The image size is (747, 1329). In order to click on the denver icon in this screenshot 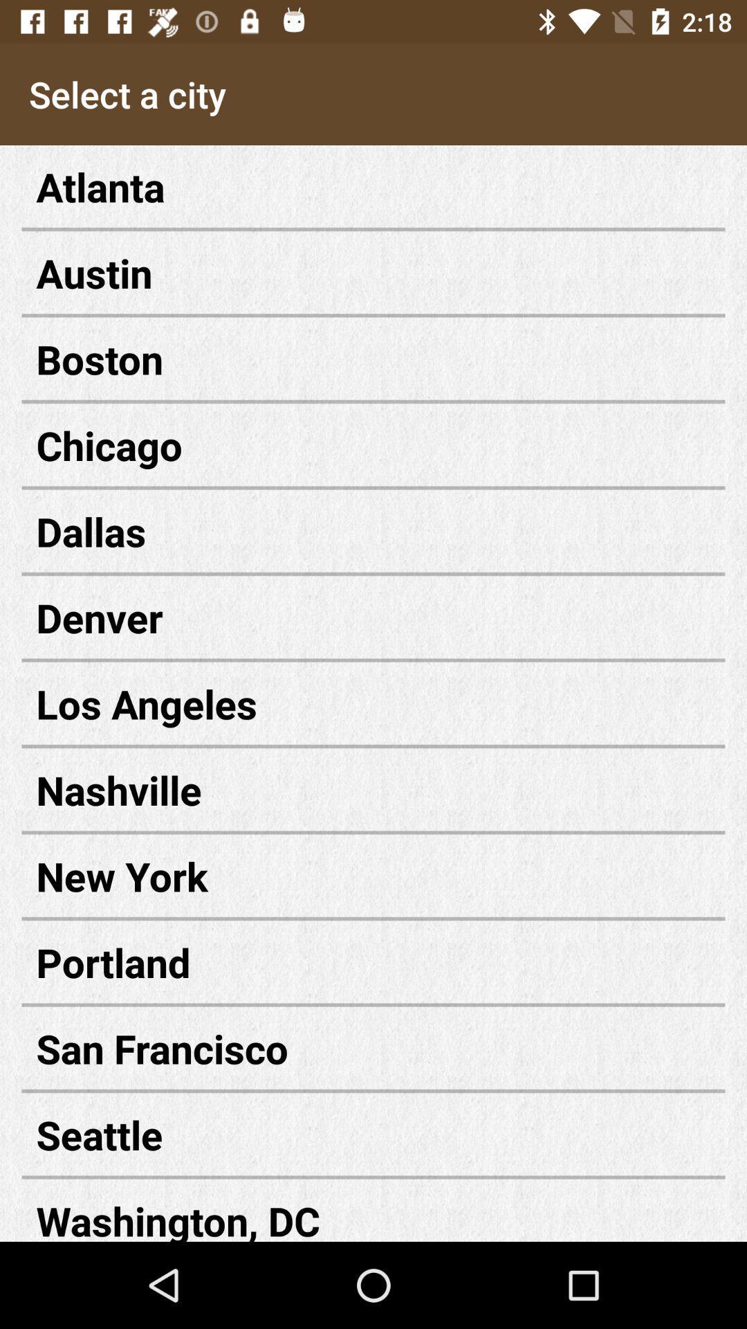, I will do `click(373, 617)`.